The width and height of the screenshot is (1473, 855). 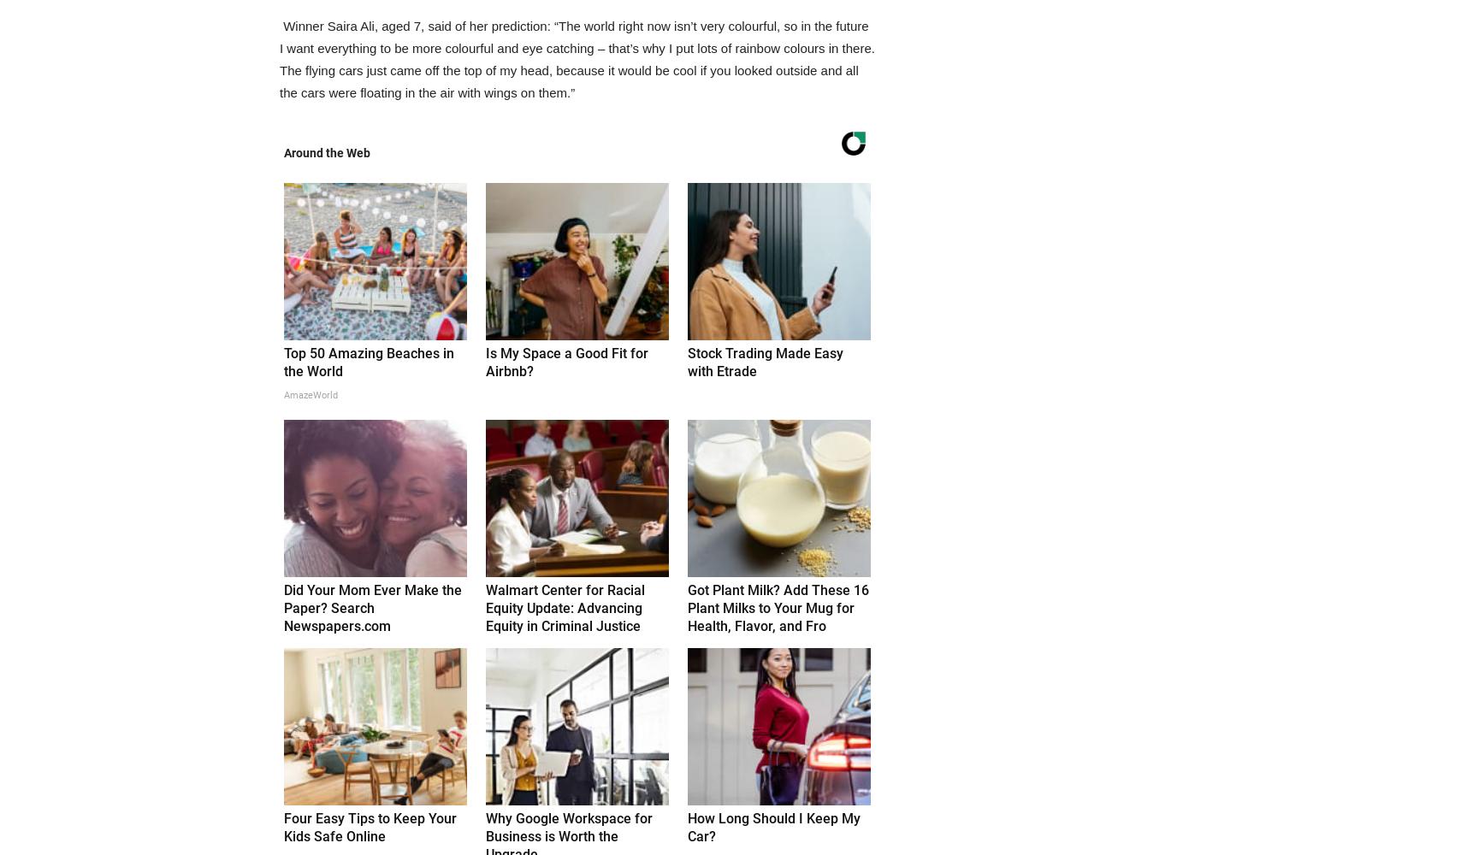 What do you see at coordinates (310, 394) in the screenshot?
I see `'AmazeWorld'` at bounding box center [310, 394].